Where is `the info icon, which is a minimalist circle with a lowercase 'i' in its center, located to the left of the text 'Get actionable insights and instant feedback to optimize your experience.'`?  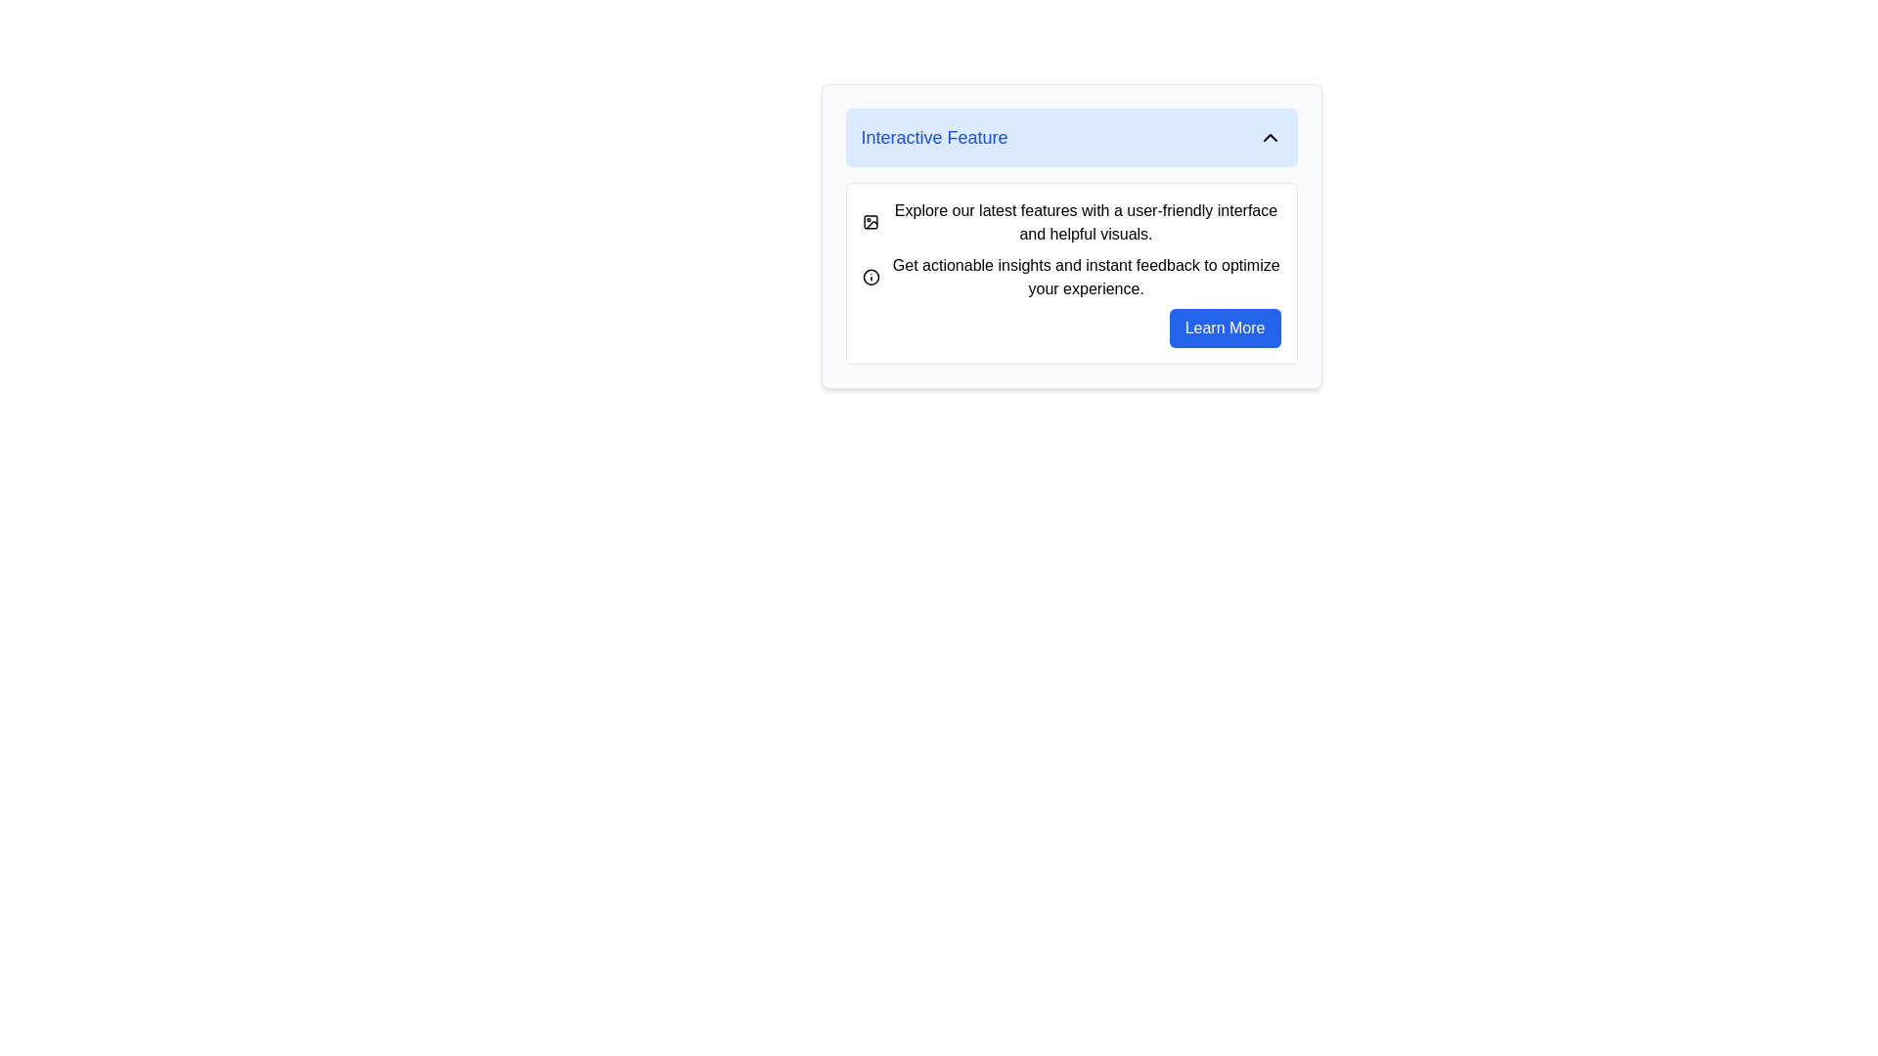
the info icon, which is a minimalist circle with a lowercase 'i' in its center, located to the left of the text 'Get actionable insights and instant feedback to optimize your experience.' is located at coordinates (870, 278).